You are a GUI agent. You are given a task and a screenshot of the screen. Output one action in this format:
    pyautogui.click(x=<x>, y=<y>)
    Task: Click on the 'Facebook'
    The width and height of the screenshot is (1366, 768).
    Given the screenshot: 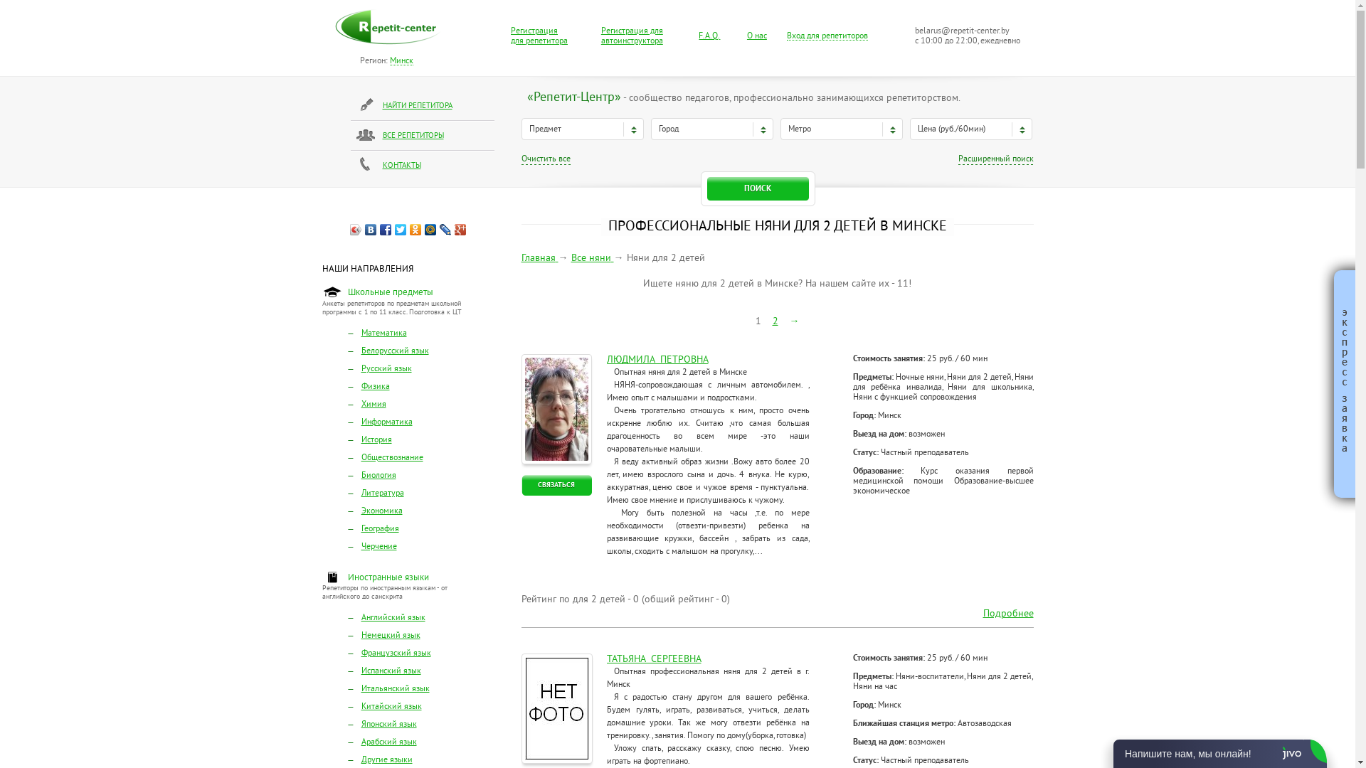 What is the action you would take?
    pyautogui.click(x=386, y=229)
    